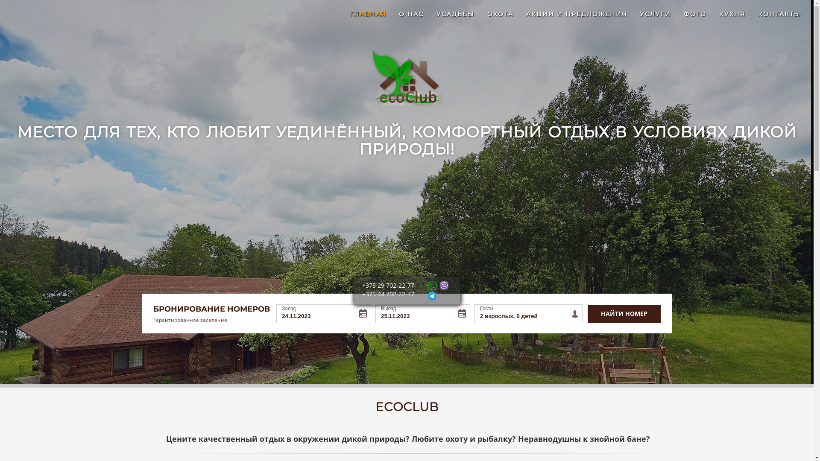 The image size is (820, 461). Describe the element at coordinates (387, 293) in the screenshot. I see `'+375 44 702-22-77'` at that location.